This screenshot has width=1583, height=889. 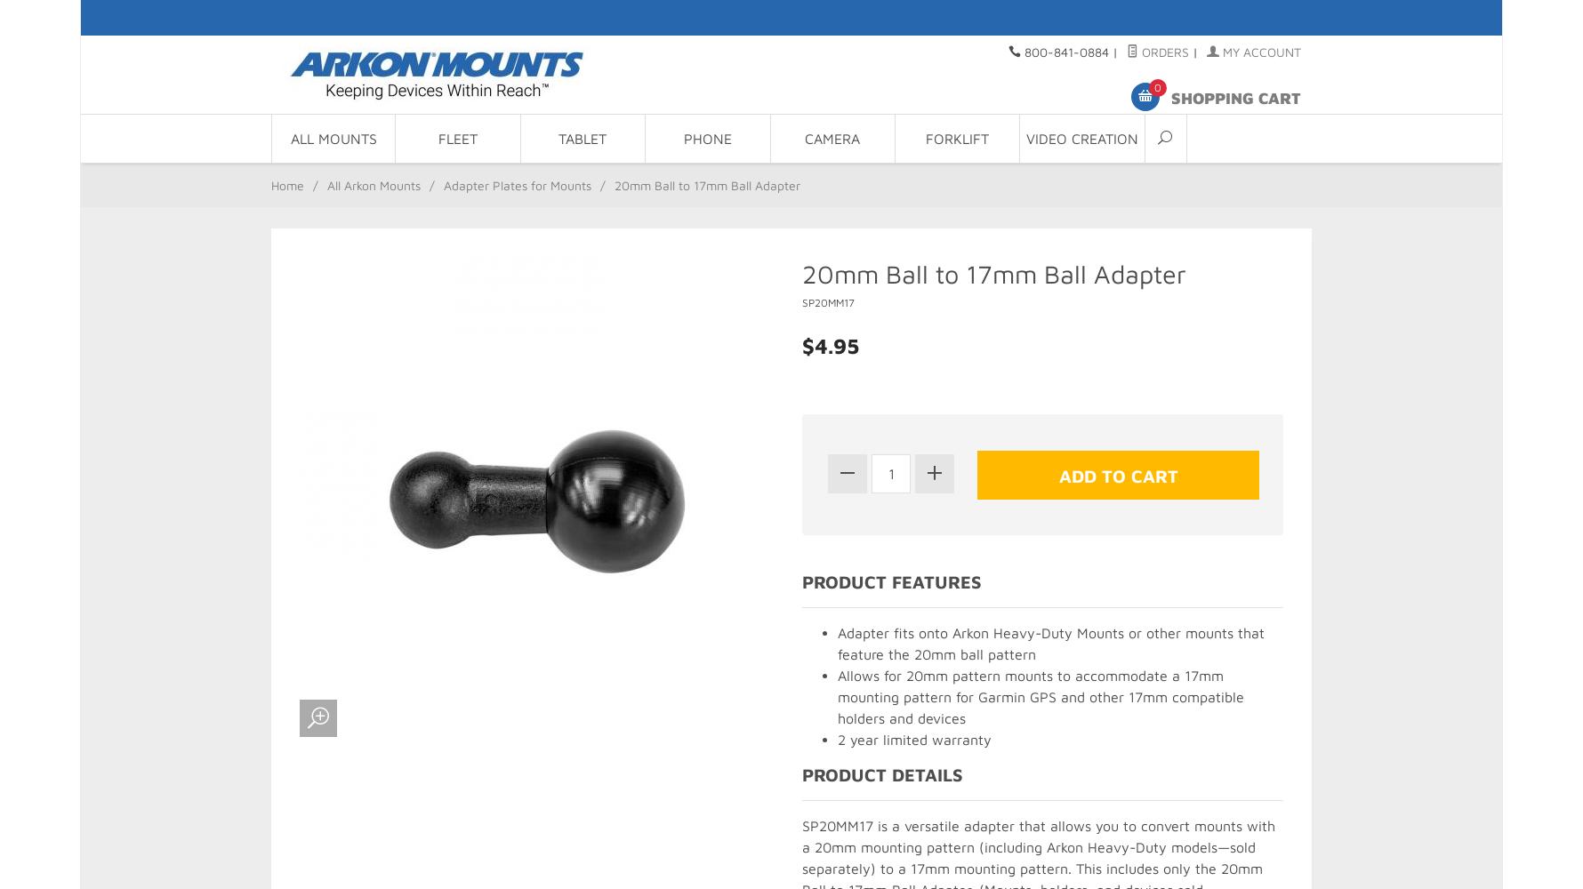 I want to click on '0', so click(x=1156, y=86).